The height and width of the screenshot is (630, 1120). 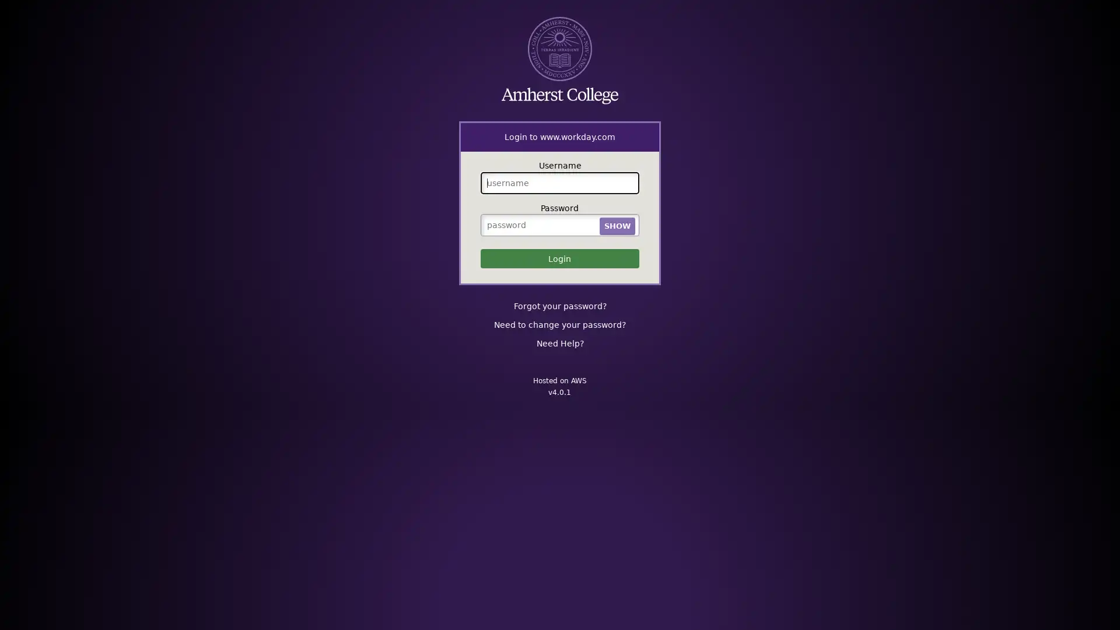 I want to click on Login, so click(x=559, y=258).